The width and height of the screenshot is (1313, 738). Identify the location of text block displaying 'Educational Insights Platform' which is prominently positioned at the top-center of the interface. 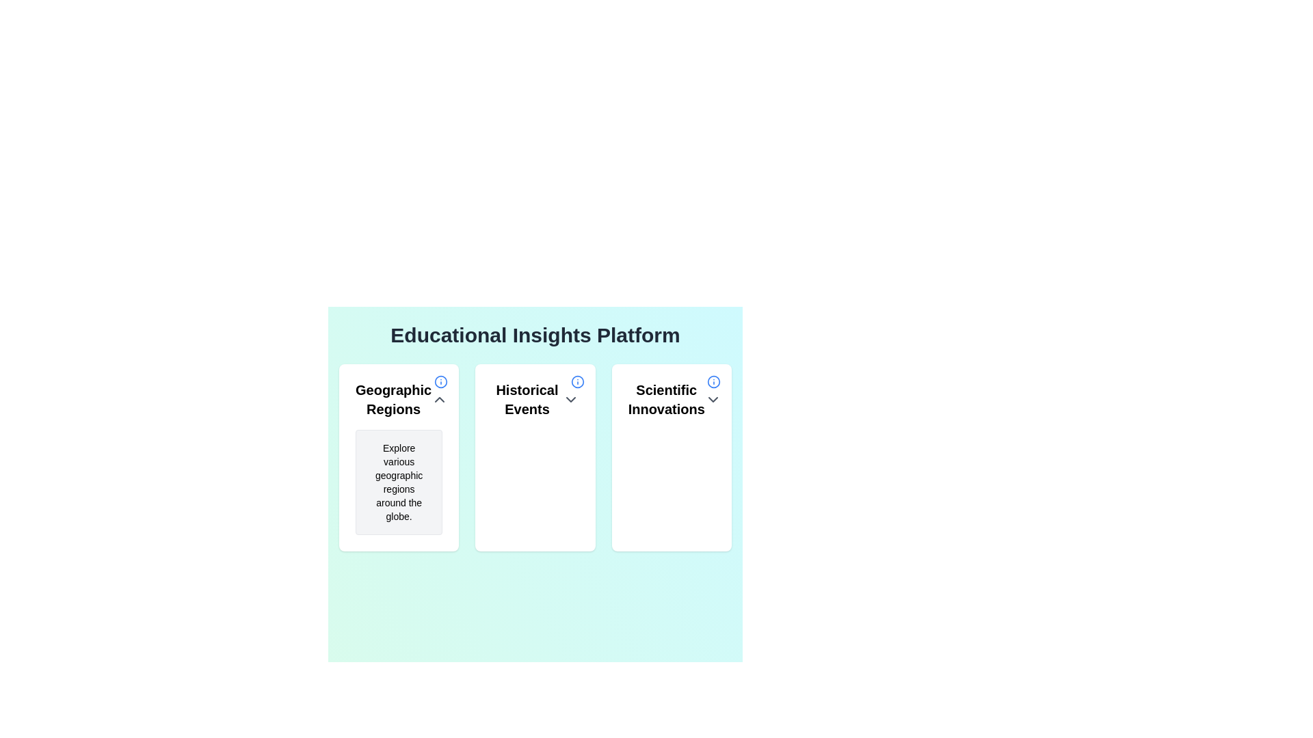
(534, 335).